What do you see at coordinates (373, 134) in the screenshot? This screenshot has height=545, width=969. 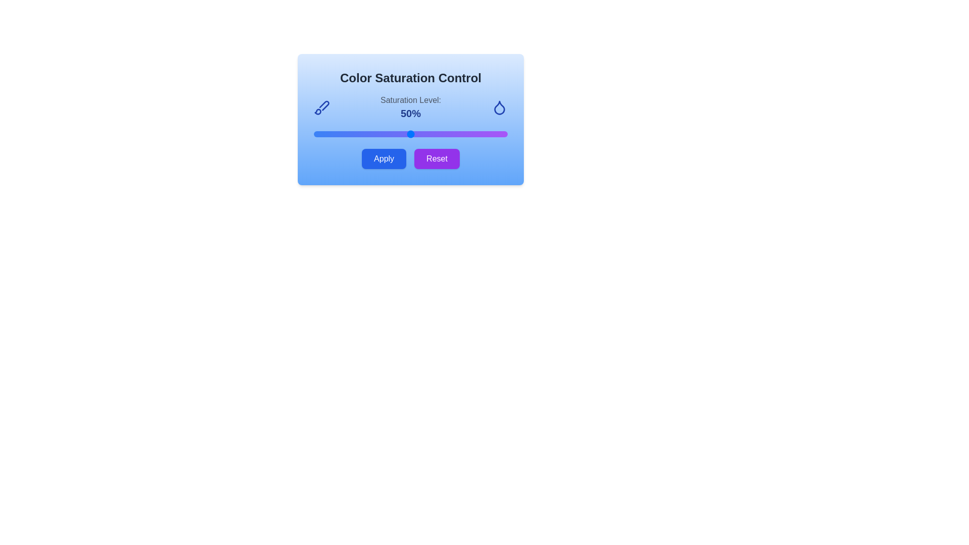 I see `the color saturation to 31% by adjusting the slider` at bounding box center [373, 134].